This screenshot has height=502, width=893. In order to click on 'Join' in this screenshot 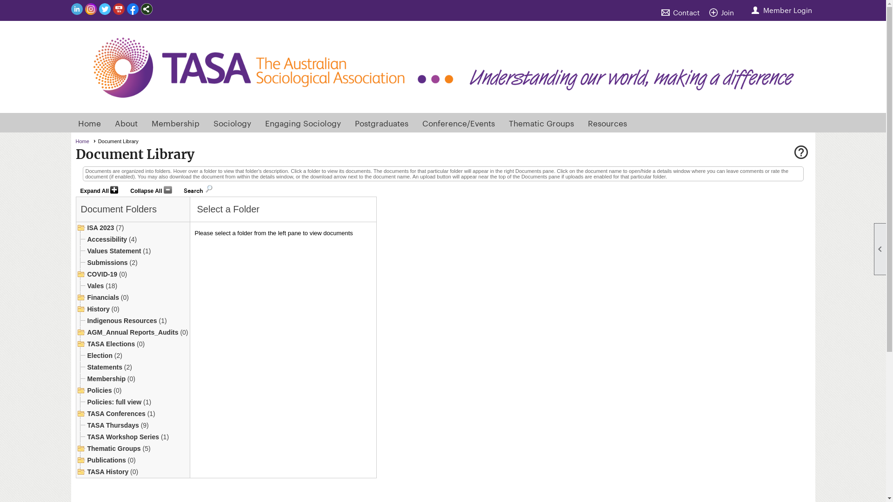, I will do `click(723, 12)`.